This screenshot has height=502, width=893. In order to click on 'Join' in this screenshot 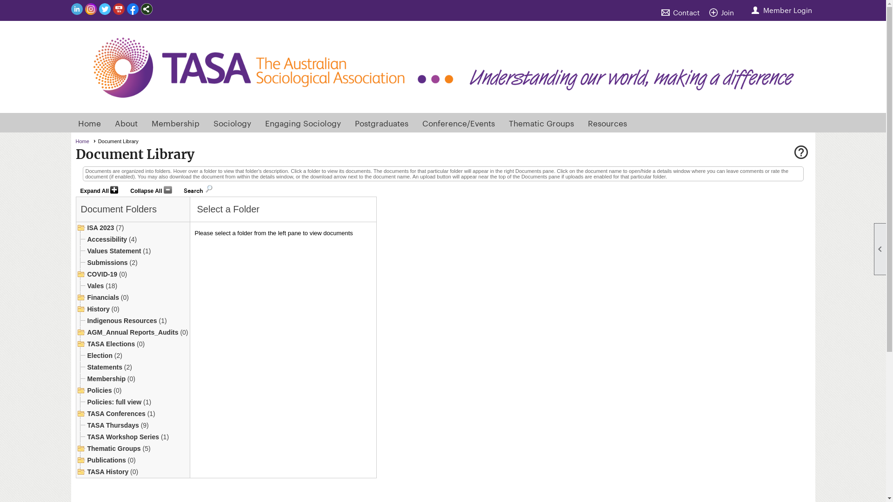, I will do `click(723, 12)`.